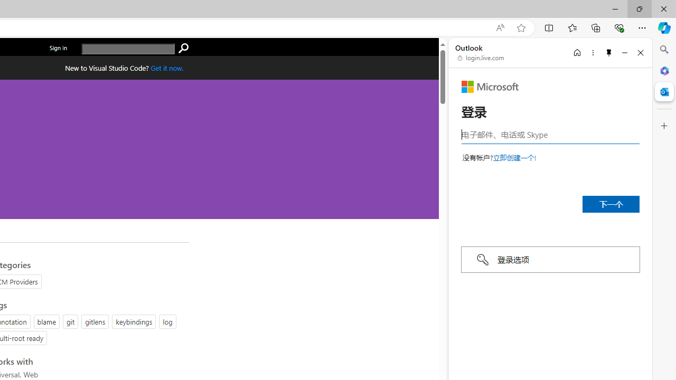 Image resolution: width=676 pixels, height=380 pixels. Describe the element at coordinates (609, 52) in the screenshot. I see `'Unpin side pane'` at that location.